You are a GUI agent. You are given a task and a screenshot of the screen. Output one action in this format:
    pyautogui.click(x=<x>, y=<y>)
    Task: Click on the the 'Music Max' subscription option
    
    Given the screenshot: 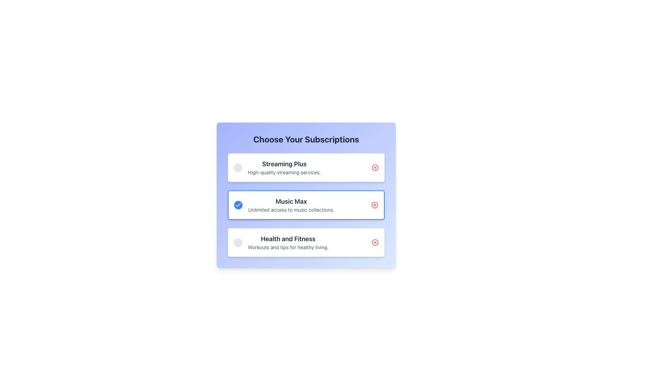 What is the action you would take?
    pyautogui.click(x=306, y=205)
    